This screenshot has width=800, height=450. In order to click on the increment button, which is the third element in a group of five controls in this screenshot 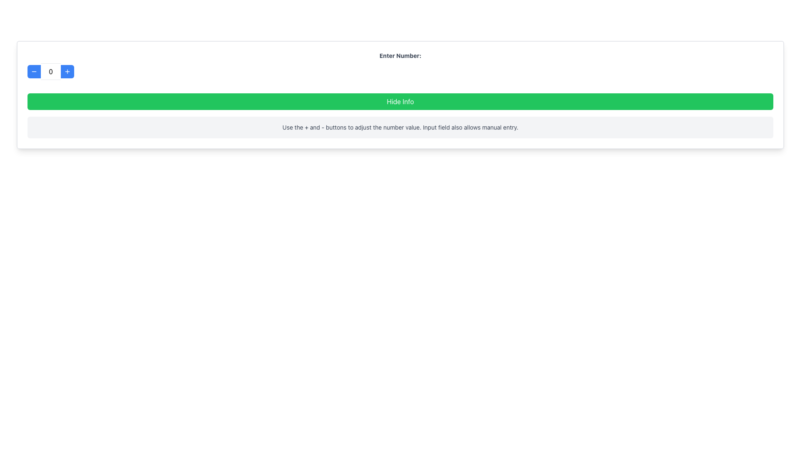, I will do `click(67, 71)`.